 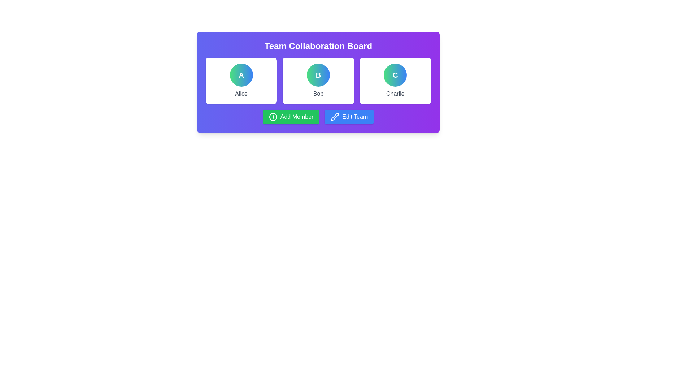 I want to click on the first button to the left of the blue 'Edit Team' button to initiate the add member functionality, so click(x=291, y=117).